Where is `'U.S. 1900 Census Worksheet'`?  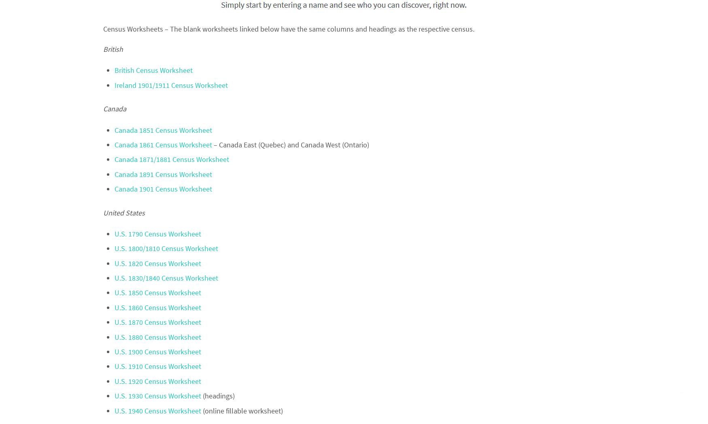 'U.S. 1900 Census Worksheet' is located at coordinates (114, 351).